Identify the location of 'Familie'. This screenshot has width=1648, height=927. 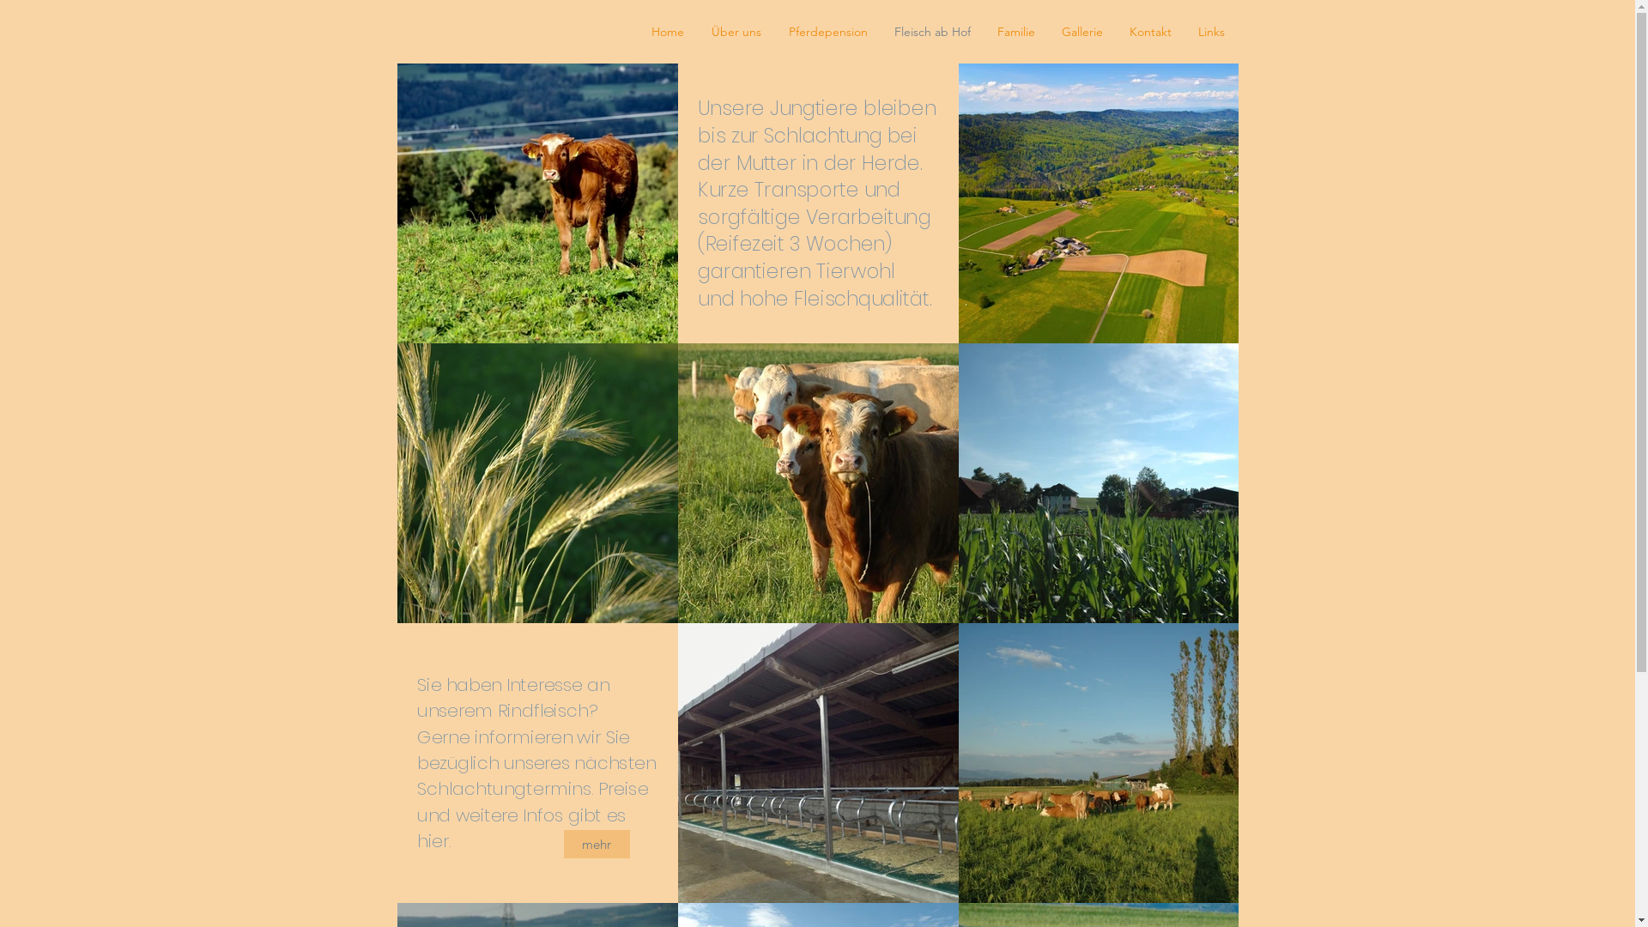
(1015, 32).